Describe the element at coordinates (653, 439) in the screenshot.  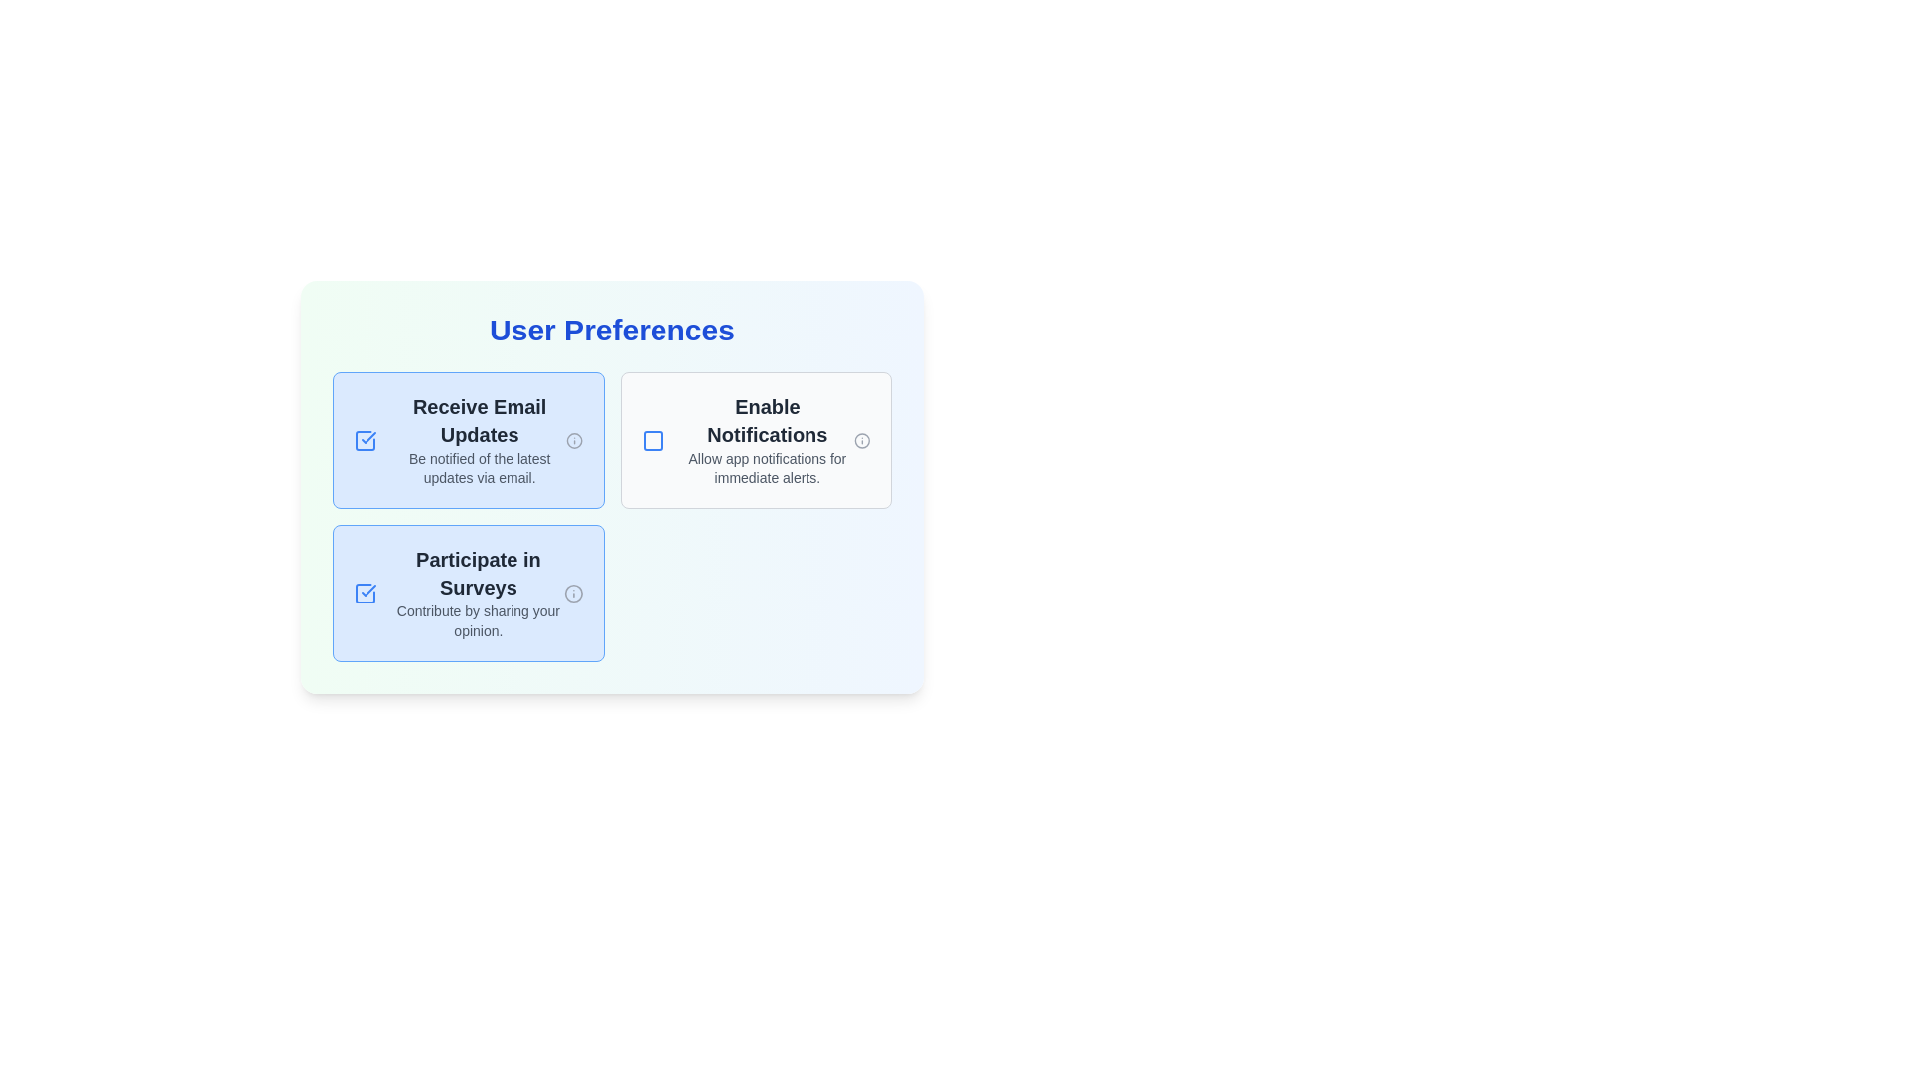
I see `the square icon with a blue border and white background located next to the title text 'Enable Notifications' to interact with it` at that location.